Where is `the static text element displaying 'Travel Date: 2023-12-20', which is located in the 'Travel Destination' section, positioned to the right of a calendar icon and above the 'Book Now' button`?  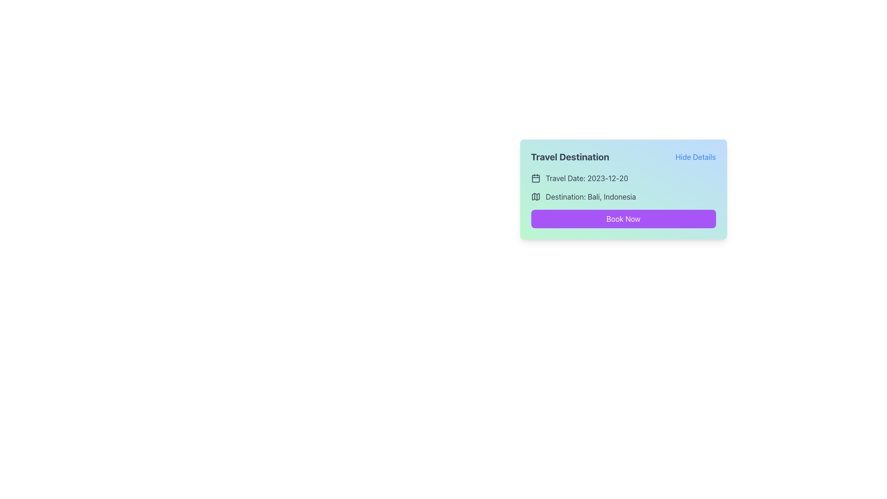
the static text element displaying 'Travel Date: 2023-12-20', which is located in the 'Travel Destination' section, positioned to the right of a calendar icon and above the 'Book Now' button is located at coordinates (586, 178).